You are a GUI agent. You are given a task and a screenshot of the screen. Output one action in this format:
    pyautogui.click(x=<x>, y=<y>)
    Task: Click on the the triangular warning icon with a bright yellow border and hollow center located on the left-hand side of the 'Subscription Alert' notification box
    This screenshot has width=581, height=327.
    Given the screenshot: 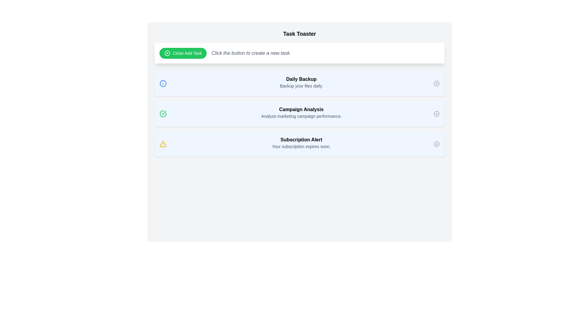 What is the action you would take?
    pyautogui.click(x=163, y=144)
    